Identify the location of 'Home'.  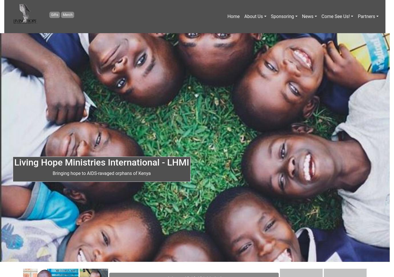
(233, 16).